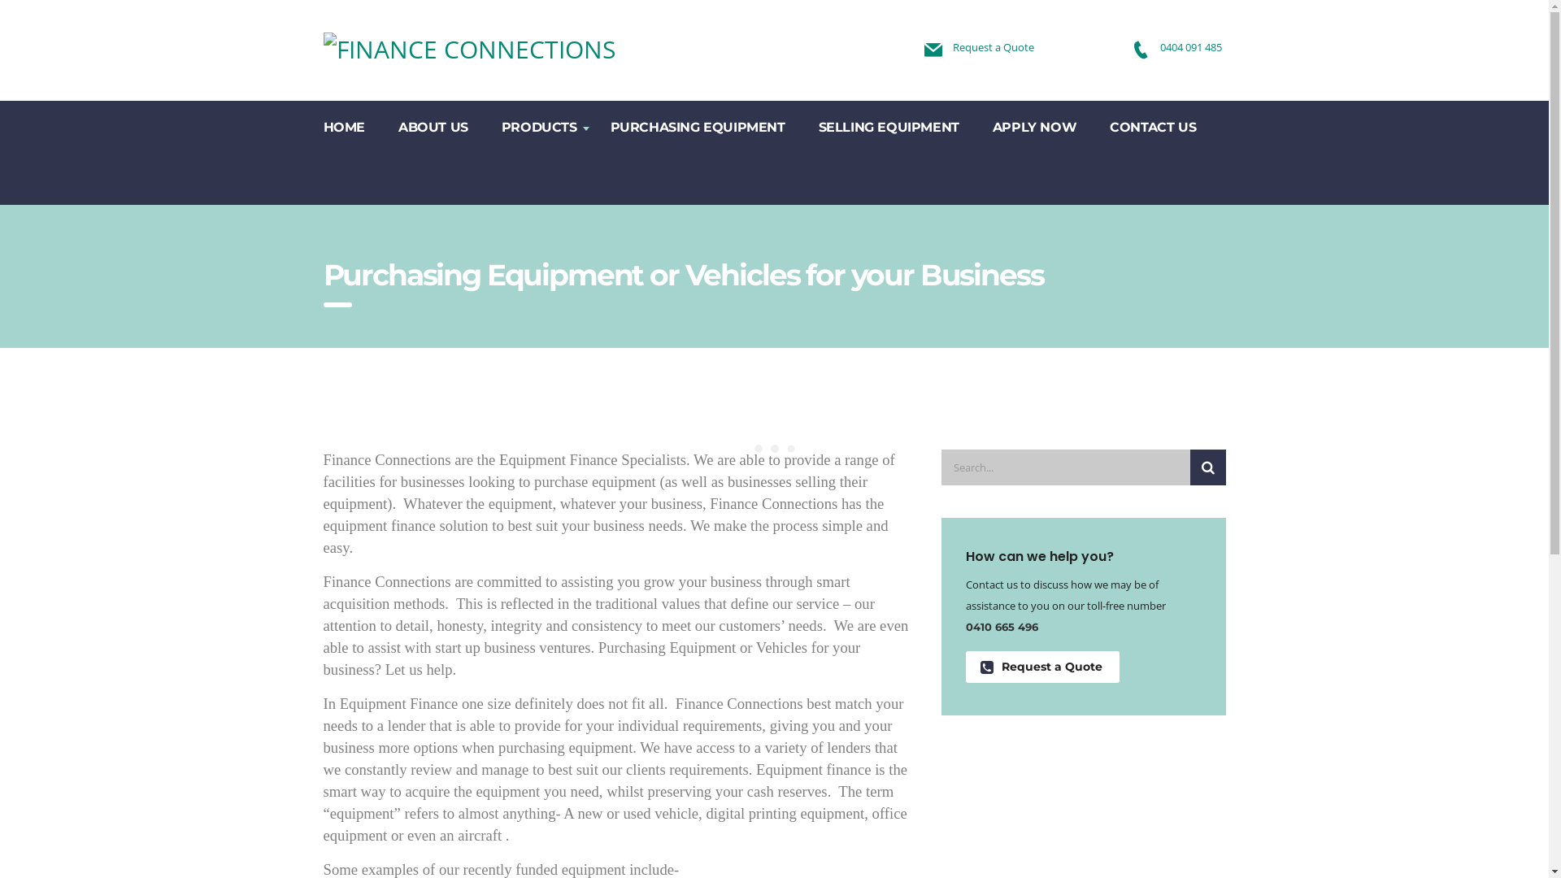 The image size is (1561, 878). What do you see at coordinates (343, 125) in the screenshot?
I see `'HOME'` at bounding box center [343, 125].